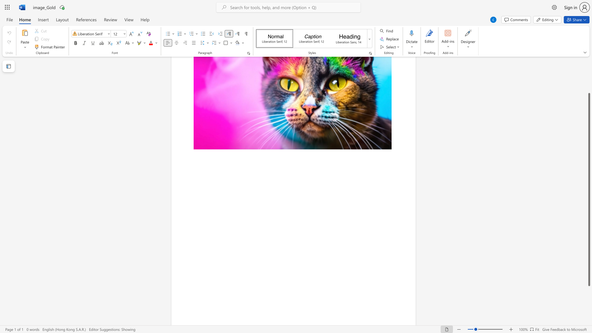 This screenshot has width=592, height=333. I want to click on the scrollbar to move the page up, so click(589, 89).